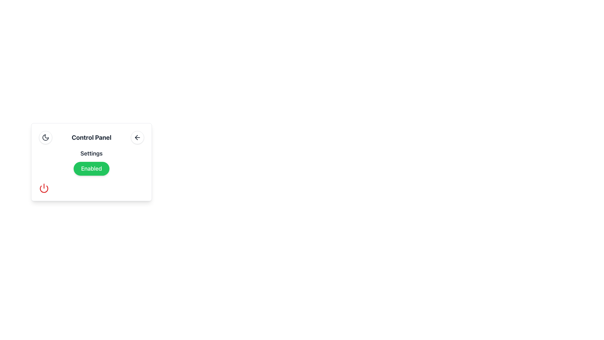 This screenshot has height=340, width=604. What do you see at coordinates (137, 137) in the screenshot?
I see `the back navigation button located in the upper-right corner of the card layout` at bounding box center [137, 137].